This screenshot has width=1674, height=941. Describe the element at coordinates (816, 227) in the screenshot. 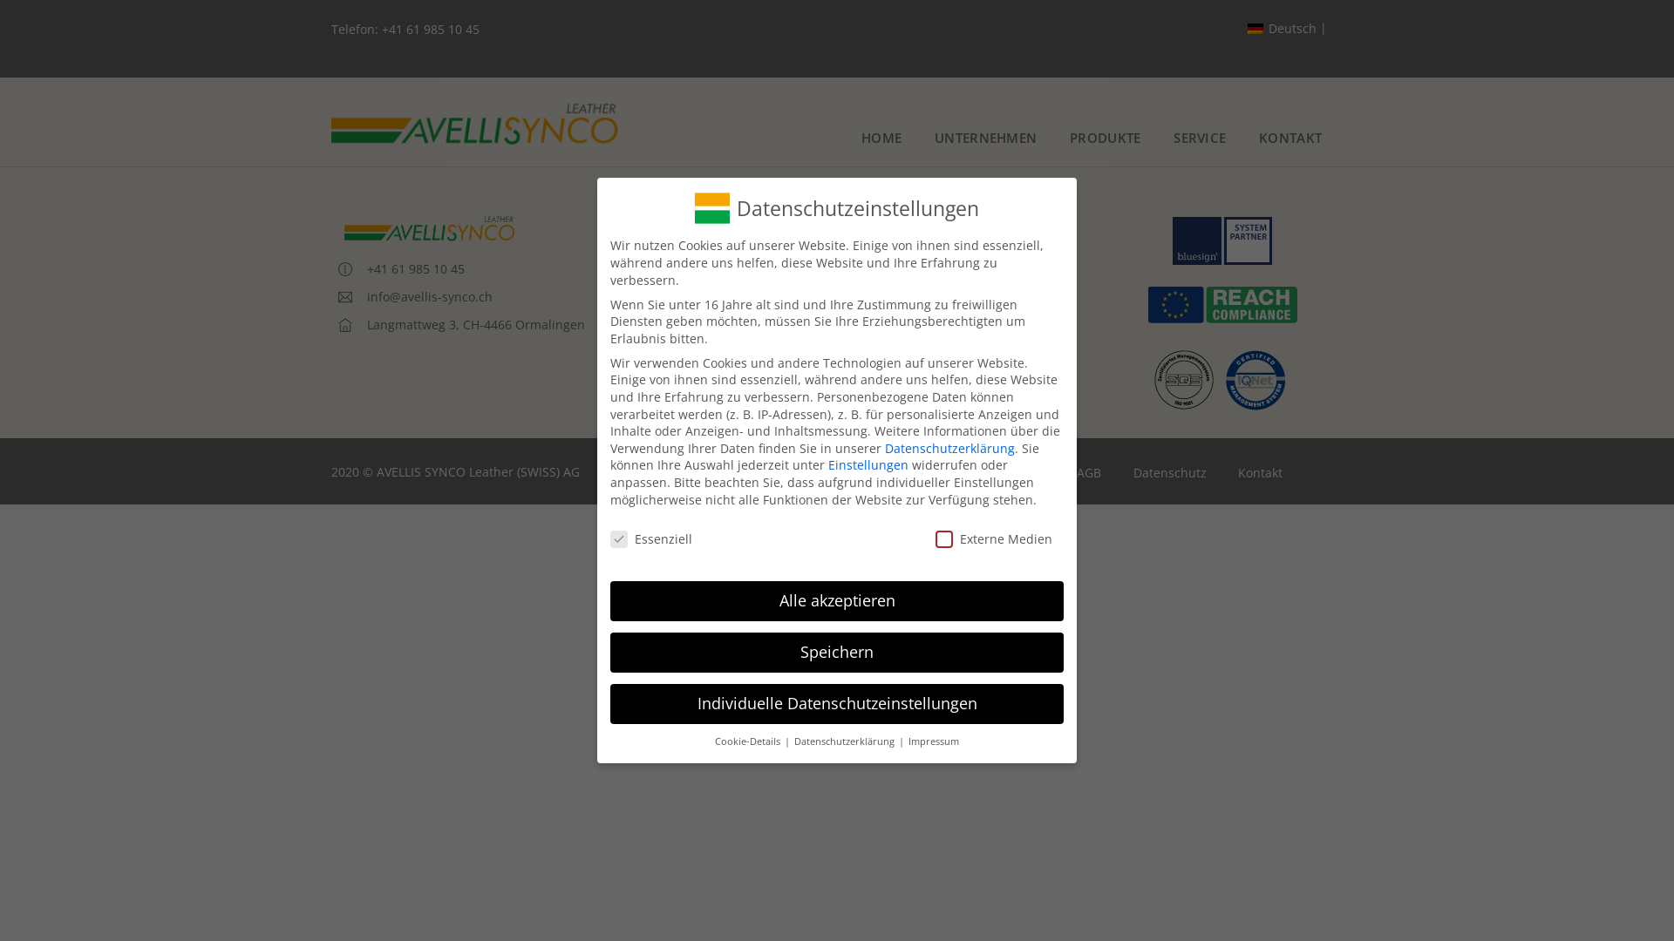

I see `'AVELLIS SYNCO LEATHER Gruppe'` at that location.